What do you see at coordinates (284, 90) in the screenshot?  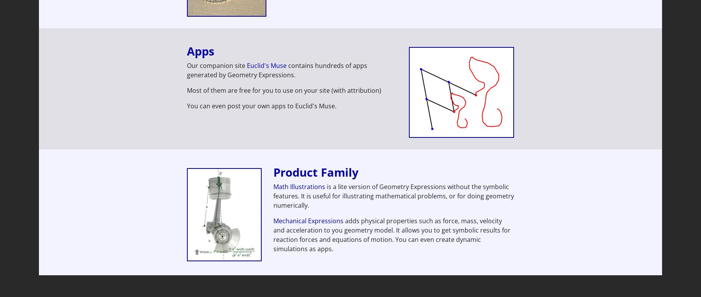 I see `'Most of them are free for you to use on your site (with attribution)'` at bounding box center [284, 90].